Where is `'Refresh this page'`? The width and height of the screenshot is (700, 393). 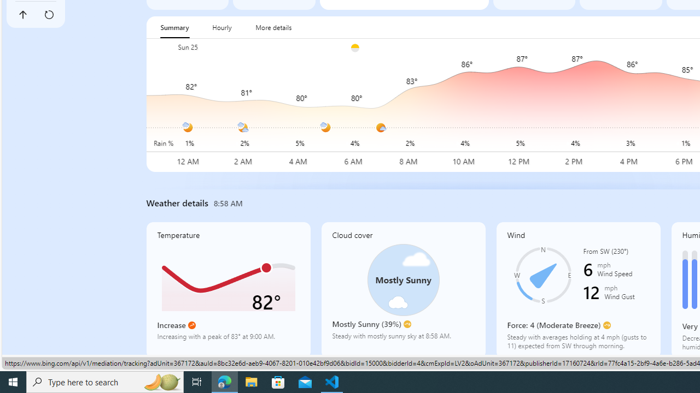 'Refresh this page' is located at coordinates (48, 15).